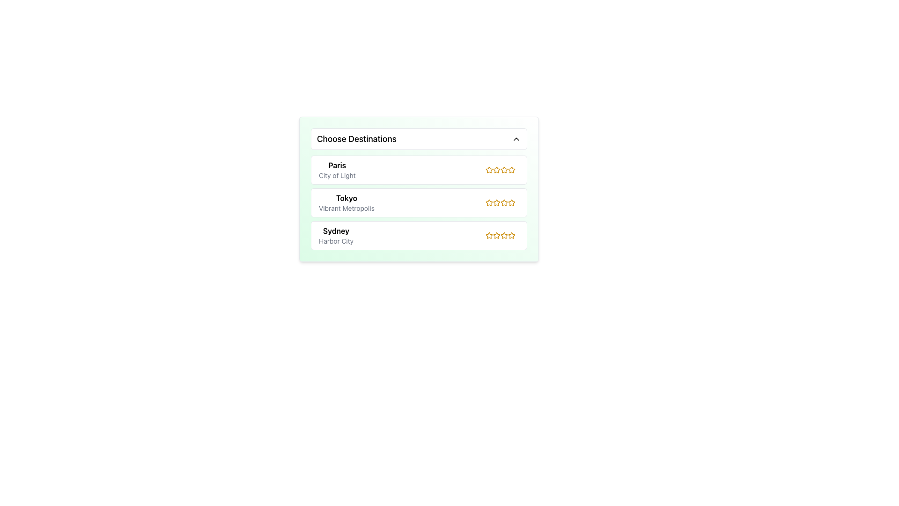 Image resolution: width=899 pixels, height=506 pixels. I want to click on the text element representing the city Paris in the destination list under 'Choose Destinations' to emphasize it, so click(337, 170).